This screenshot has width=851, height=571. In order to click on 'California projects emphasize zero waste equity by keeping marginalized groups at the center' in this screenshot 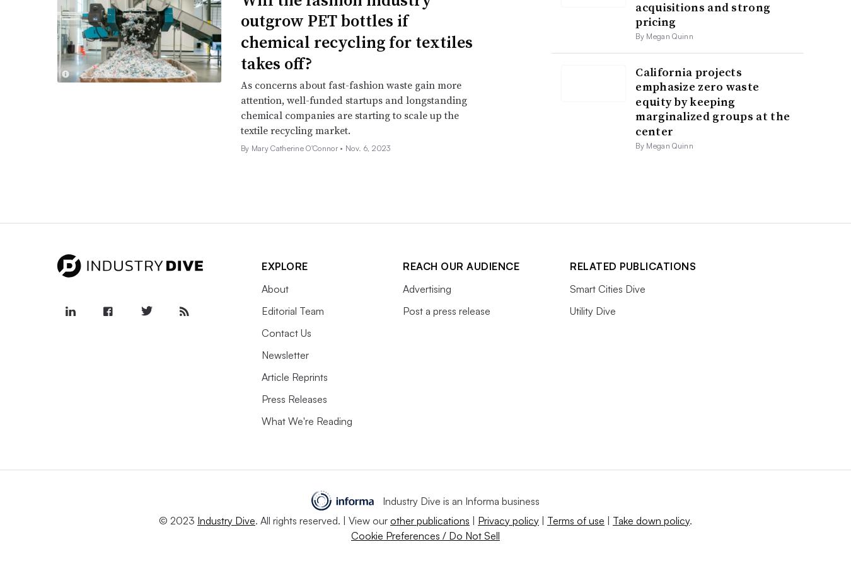, I will do `click(712, 101)`.